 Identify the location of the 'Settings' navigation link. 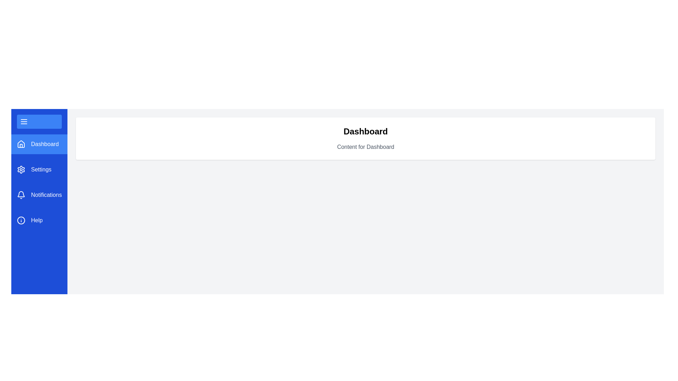
(39, 170).